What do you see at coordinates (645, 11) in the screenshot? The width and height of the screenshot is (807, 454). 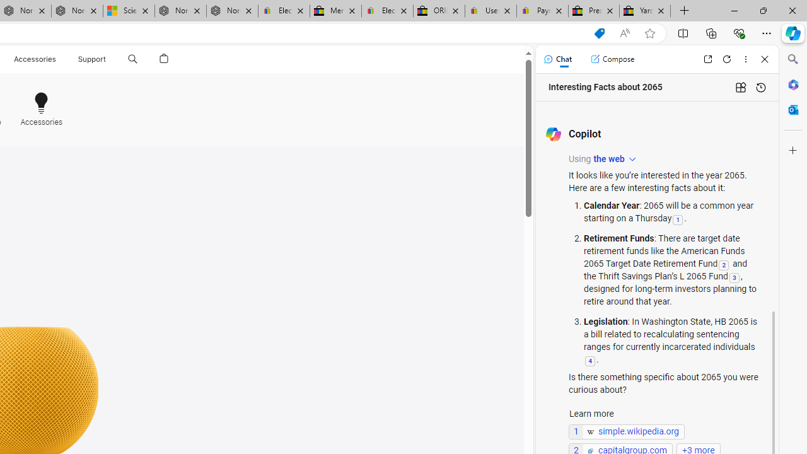 I see `'Yard, Garden & Outdoor Living'` at bounding box center [645, 11].